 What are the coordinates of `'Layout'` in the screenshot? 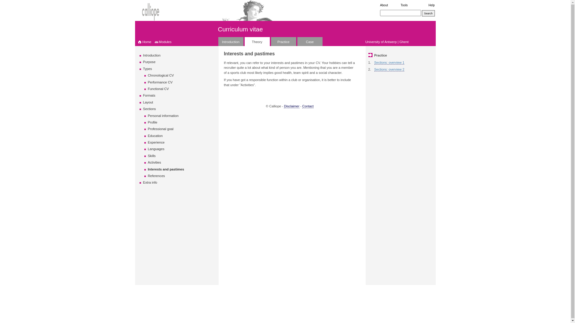 It's located at (148, 102).